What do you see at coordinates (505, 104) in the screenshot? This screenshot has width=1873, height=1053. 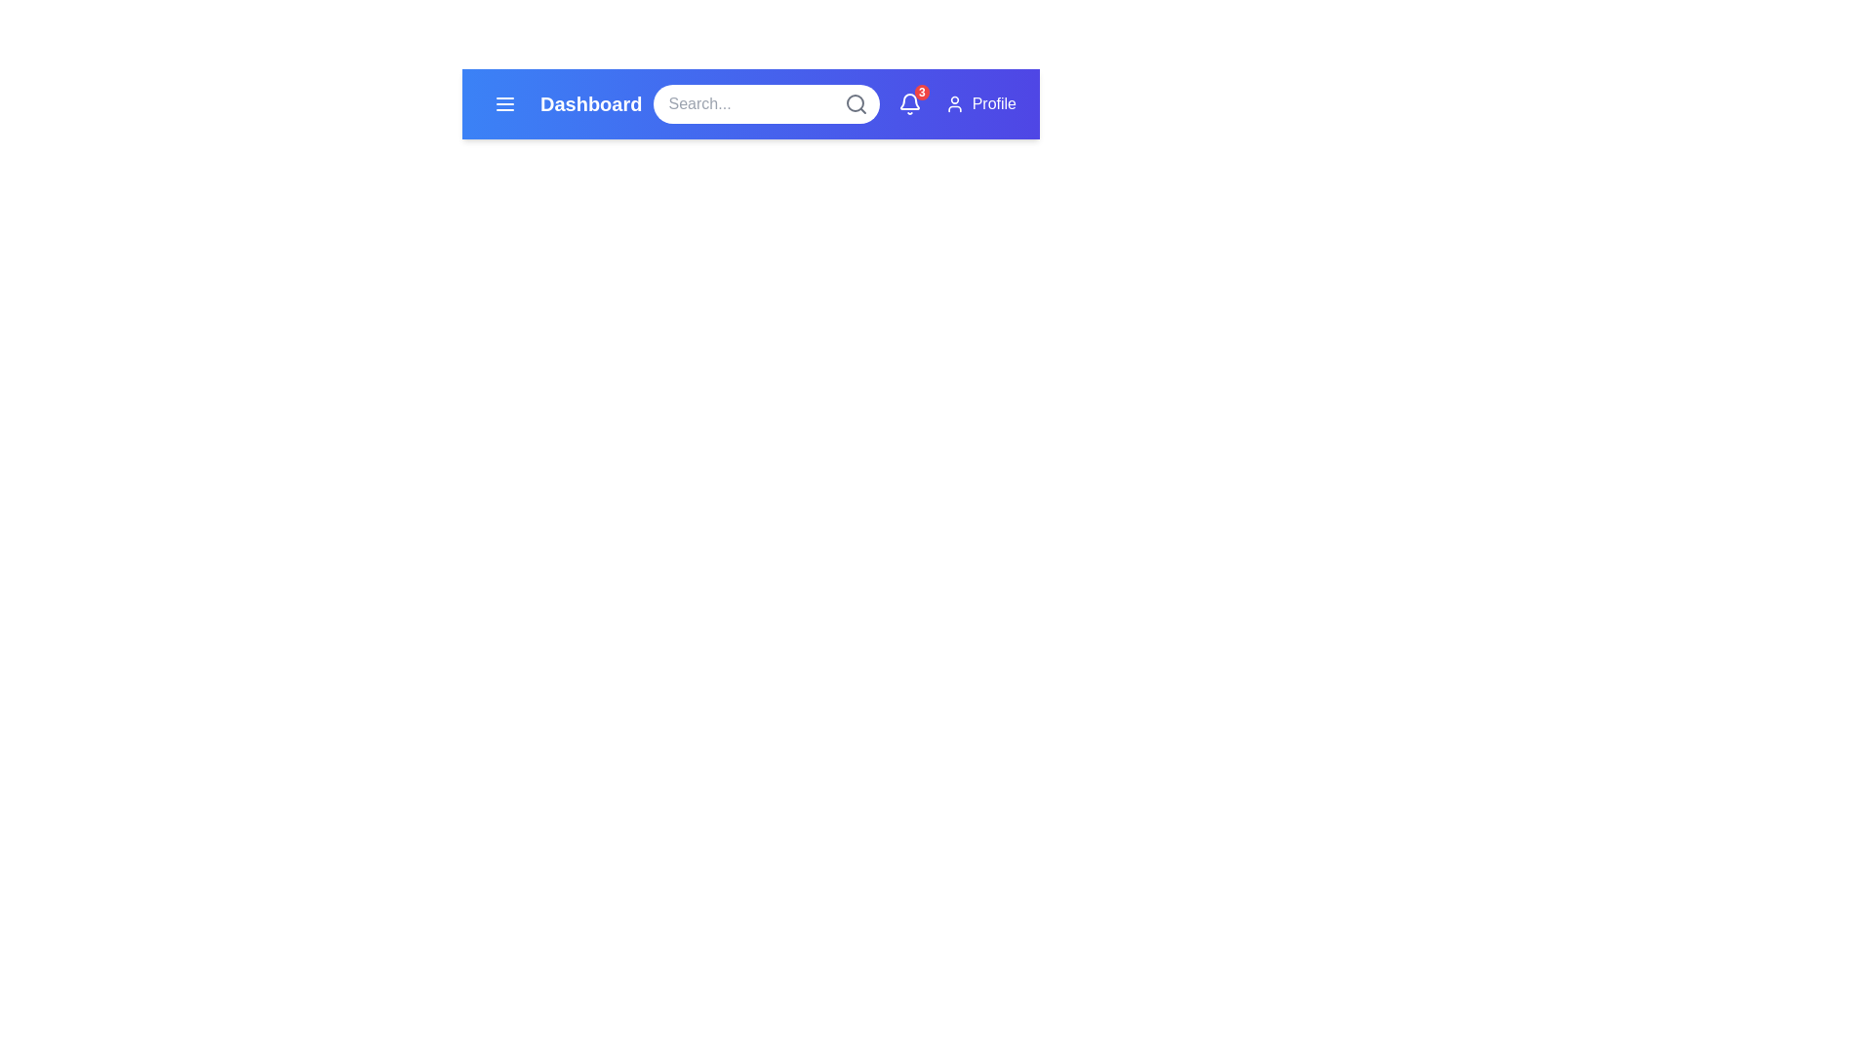 I see `the rectangular button with a blue background and a menu icon located at the top left corner of the header section` at bounding box center [505, 104].